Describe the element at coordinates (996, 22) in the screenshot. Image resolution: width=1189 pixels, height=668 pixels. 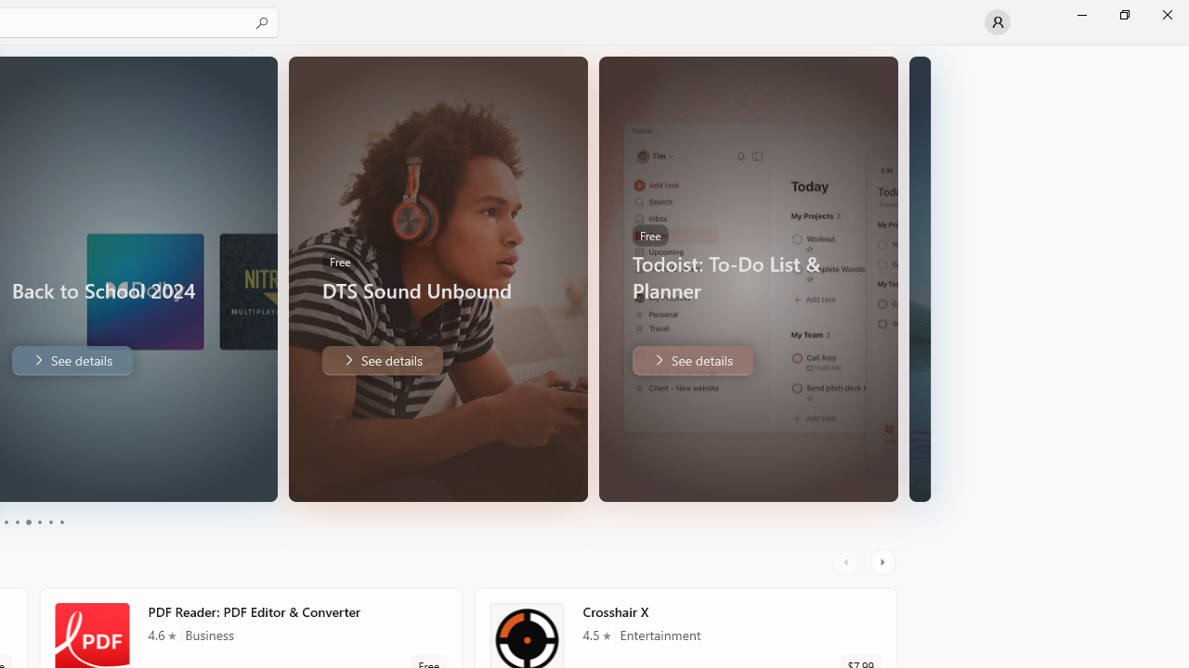
I see `'User profile'` at that location.